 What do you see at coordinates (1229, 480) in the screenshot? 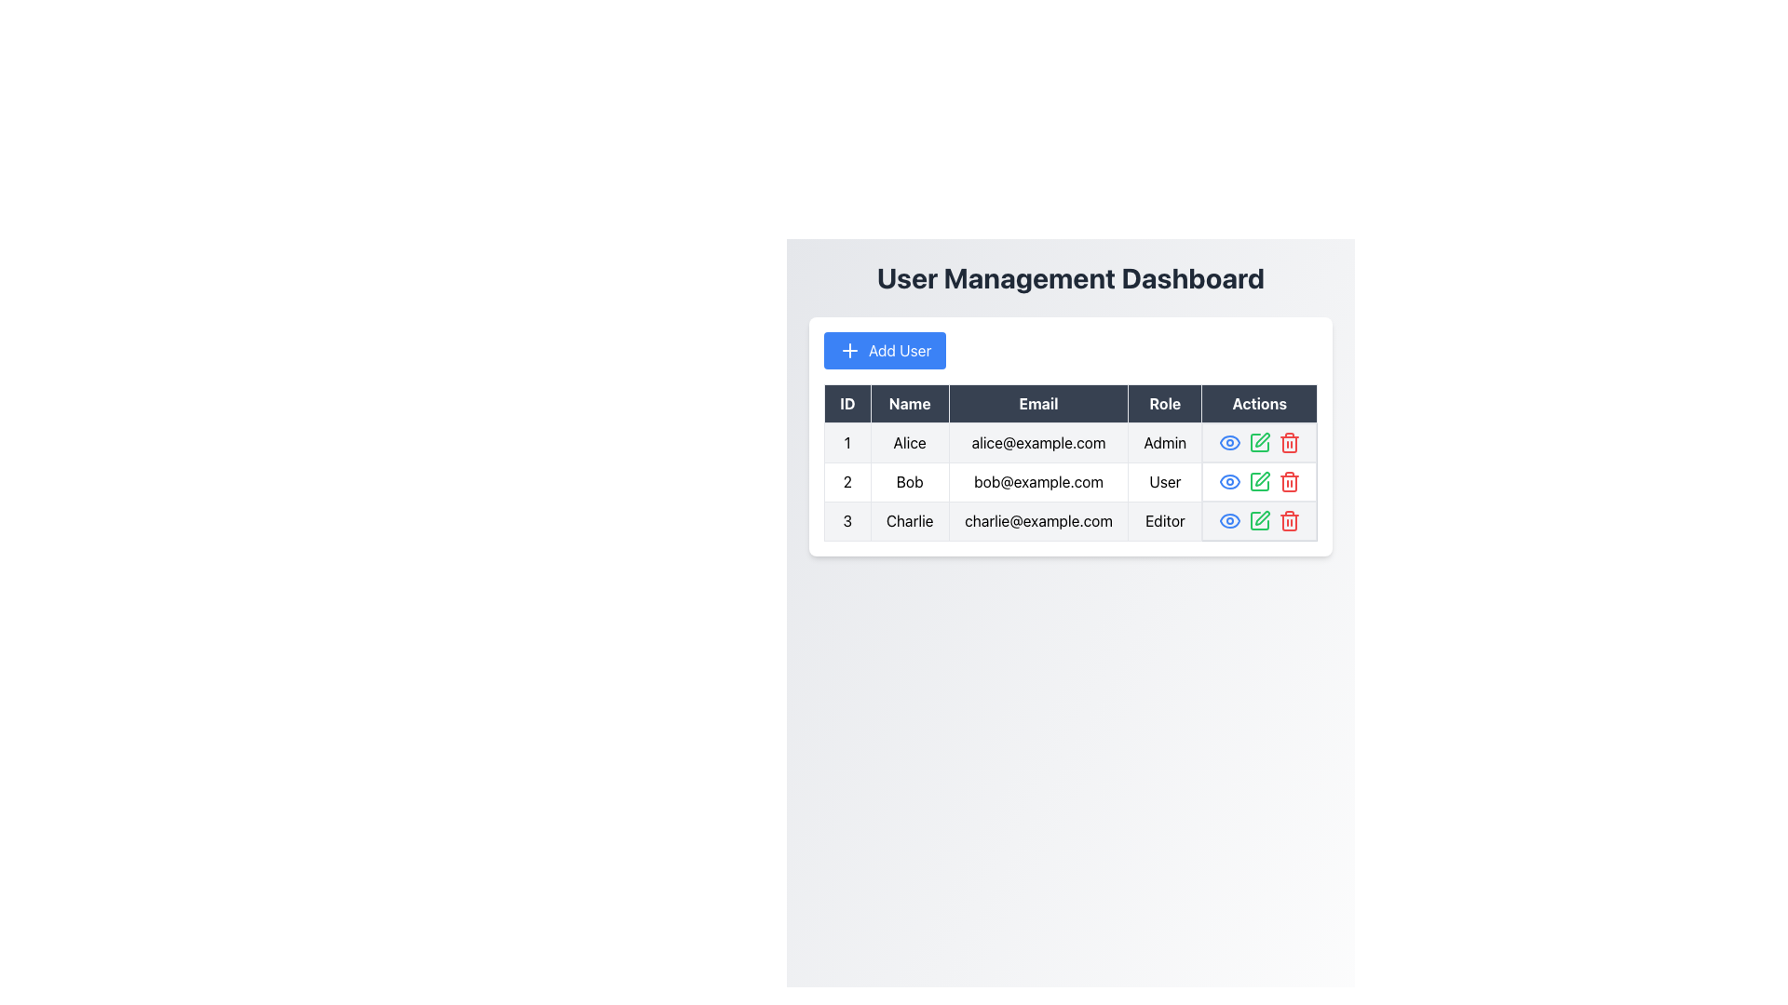
I see `the blue eye-shaped icon in the 'Actions' column of Bob's row` at bounding box center [1229, 480].